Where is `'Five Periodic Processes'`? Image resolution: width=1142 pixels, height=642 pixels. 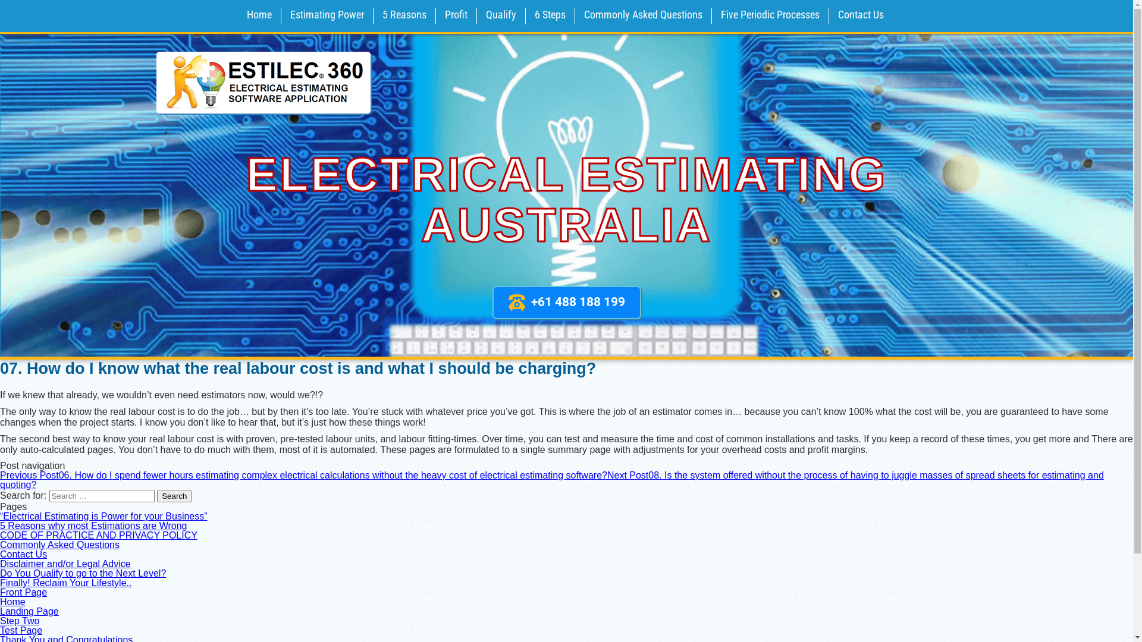 'Five Periodic Processes' is located at coordinates (770, 16).